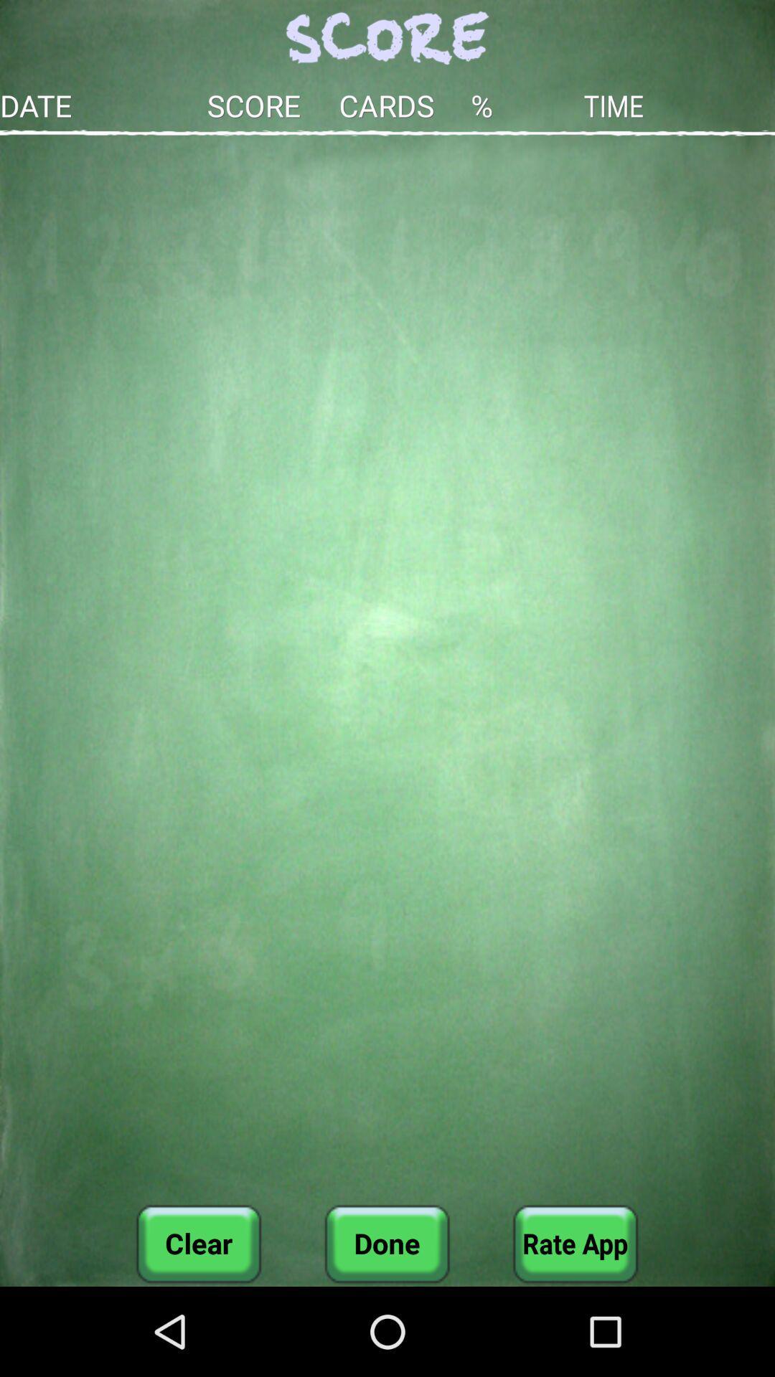 The width and height of the screenshot is (775, 1377). What do you see at coordinates (387, 669) in the screenshot?
I see `the item at the center` at bounding box center [387, 669].